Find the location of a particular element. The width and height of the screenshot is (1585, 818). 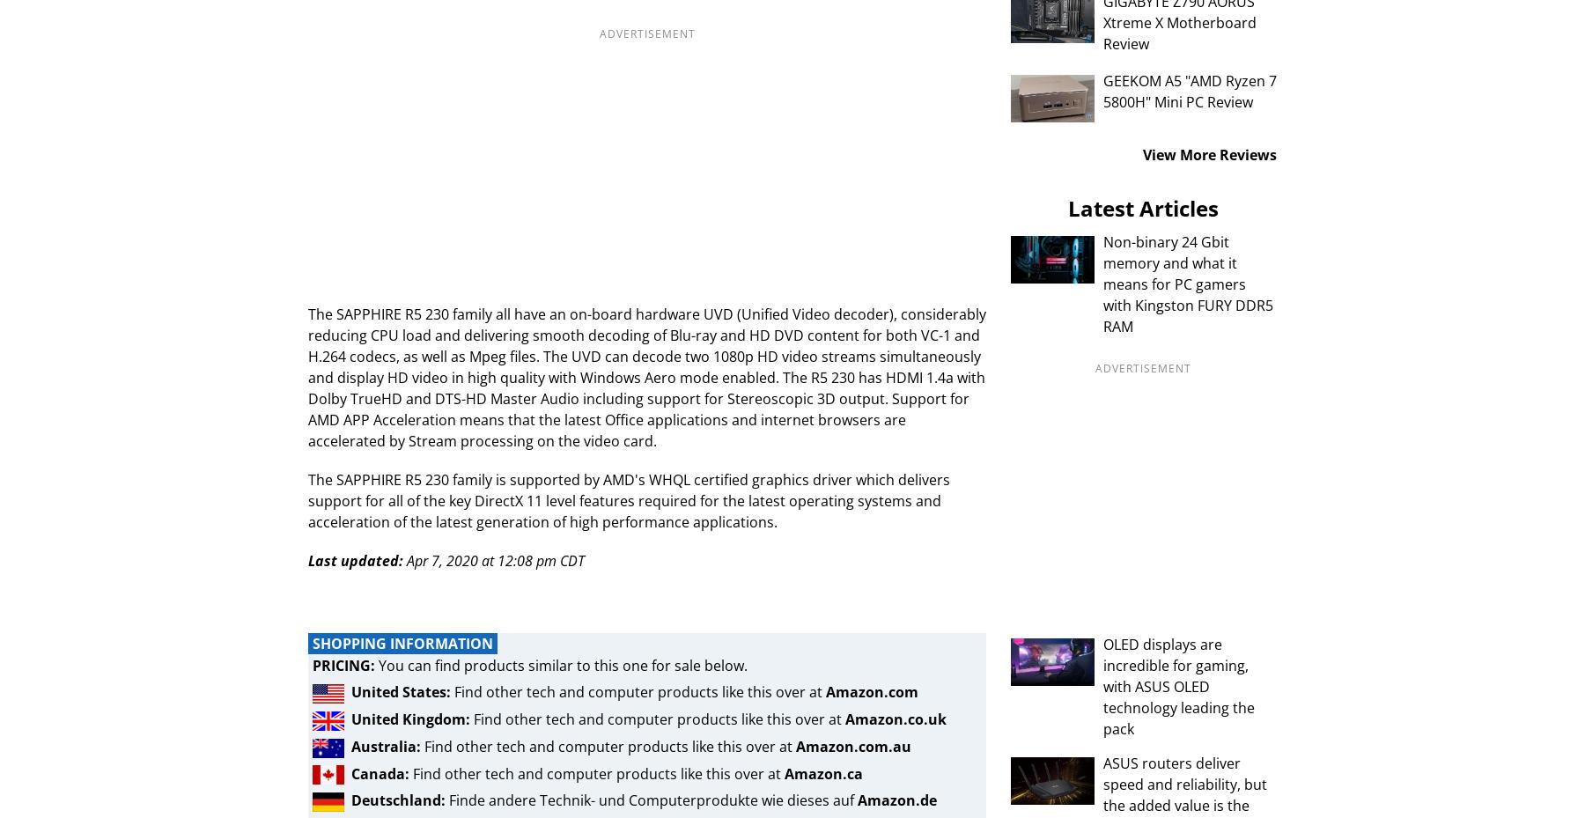

'View More Reviews' is located at coordinates (1142, 155).